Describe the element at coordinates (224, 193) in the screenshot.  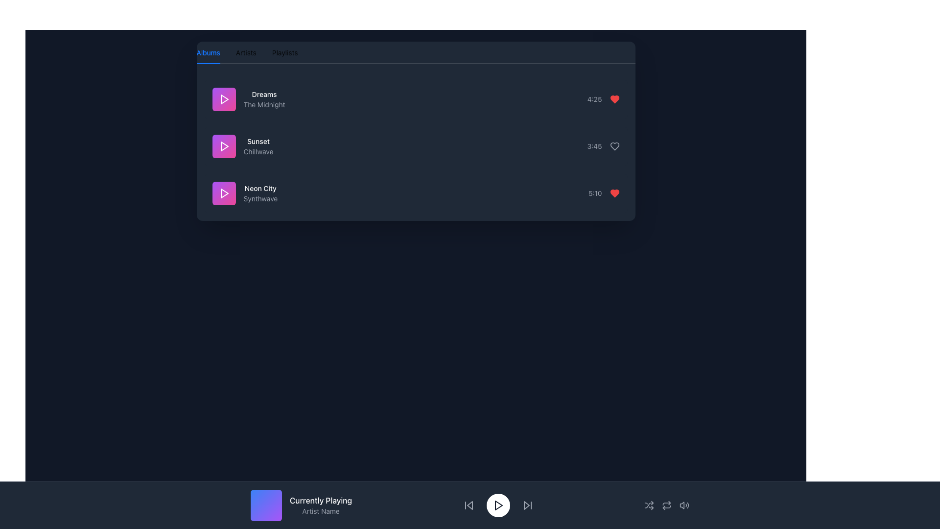
I see `the play icon, which is a rightward-pointing triangle inside a pink-bordered square` at that location.